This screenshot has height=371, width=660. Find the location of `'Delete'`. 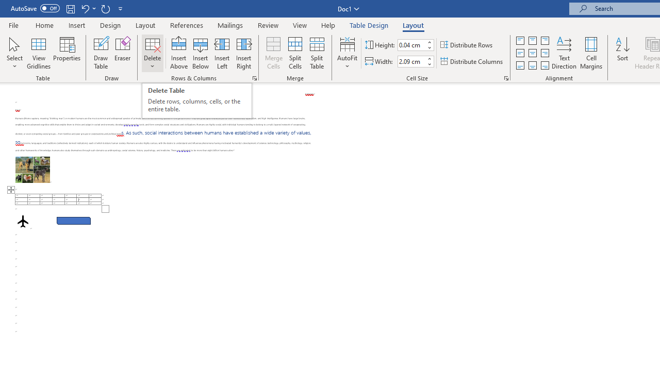

'Delete' is located at coordinates (152, 53).